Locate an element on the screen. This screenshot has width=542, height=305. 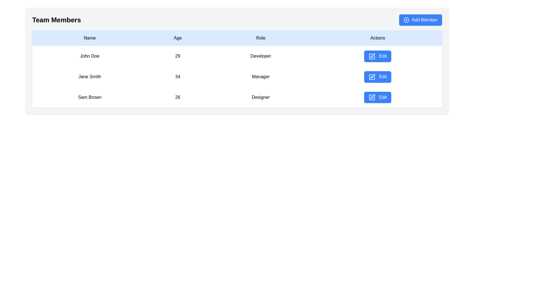
the 'Sam Brown' text label located in the first column of the third row within the table layout, which displays team member details is located at coordinates (89, 97).